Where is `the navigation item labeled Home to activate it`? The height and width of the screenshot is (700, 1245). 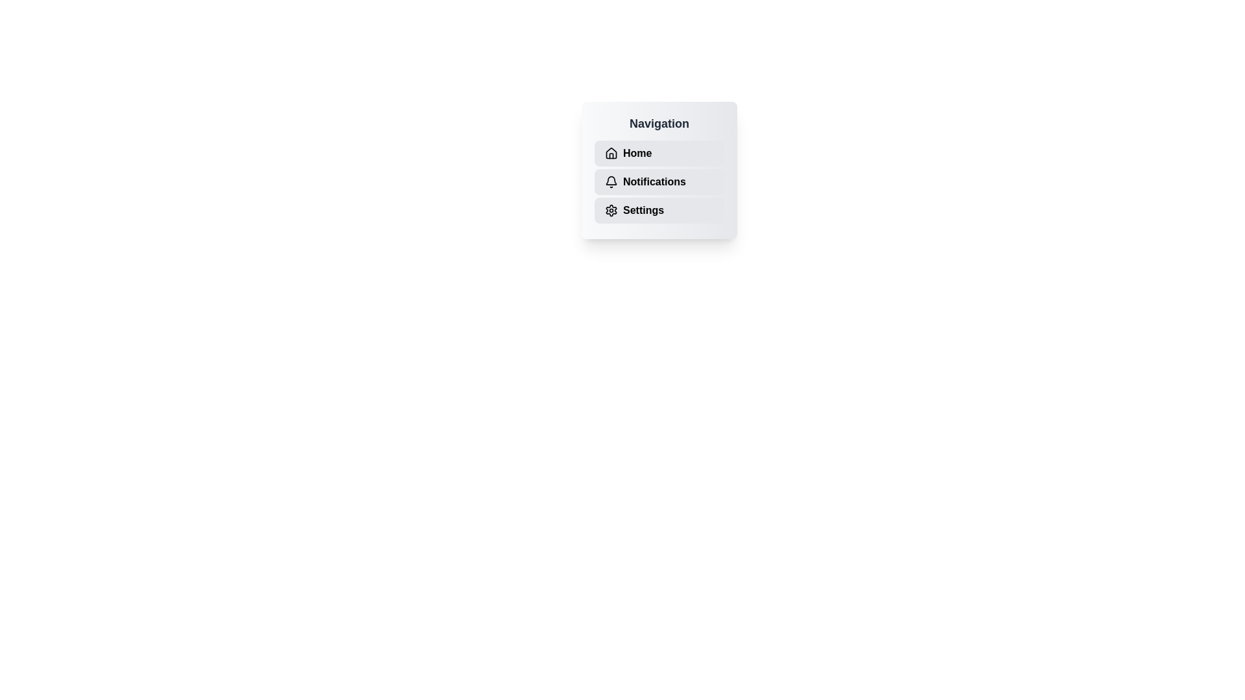 the navigation item labeled Home to activate it is located at coordinates (659, 152).